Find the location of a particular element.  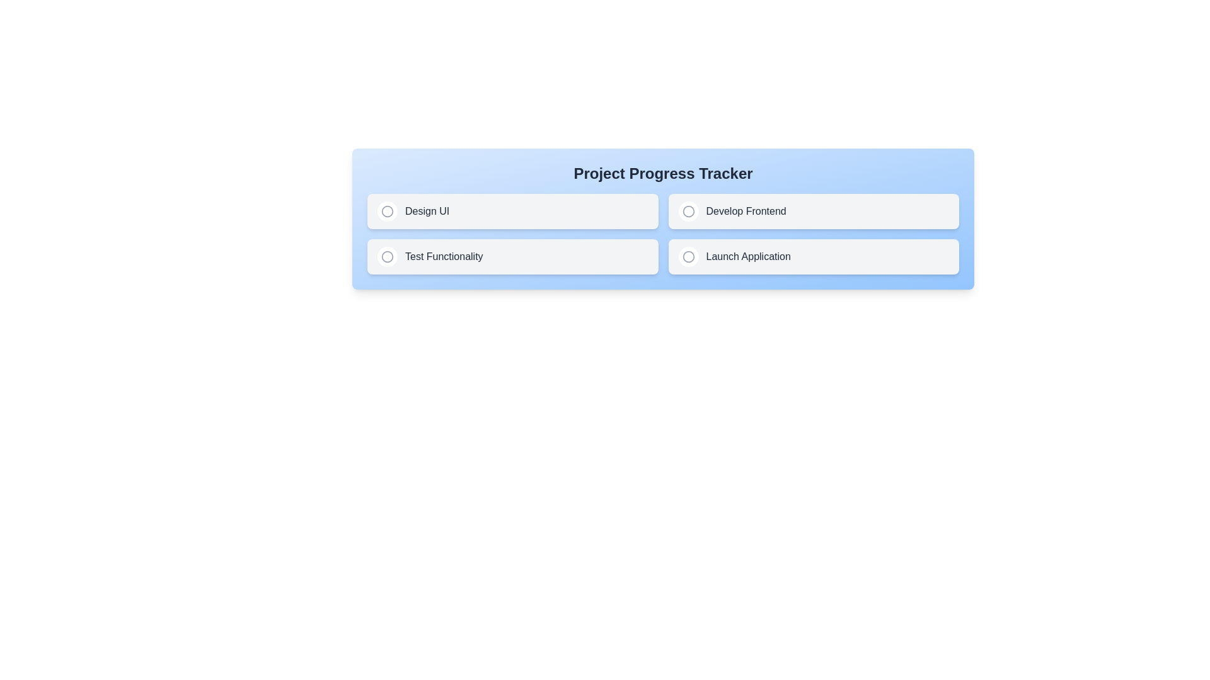

the 'Design UI' task chip to toggle its completion state is located at coordinates (512, 210).